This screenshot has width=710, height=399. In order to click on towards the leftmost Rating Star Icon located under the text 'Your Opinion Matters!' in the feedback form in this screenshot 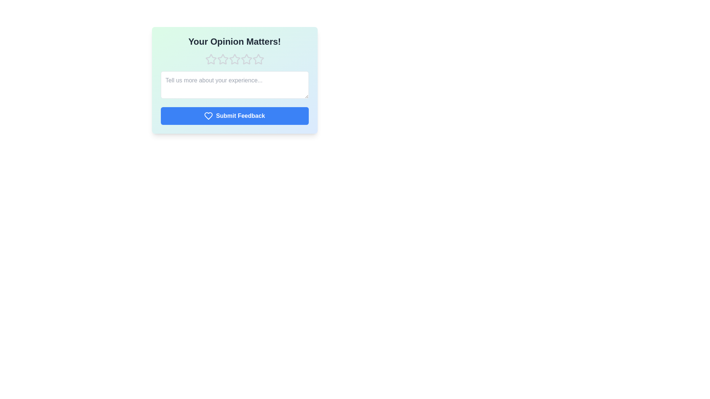, I will do `click(210, 59)`.